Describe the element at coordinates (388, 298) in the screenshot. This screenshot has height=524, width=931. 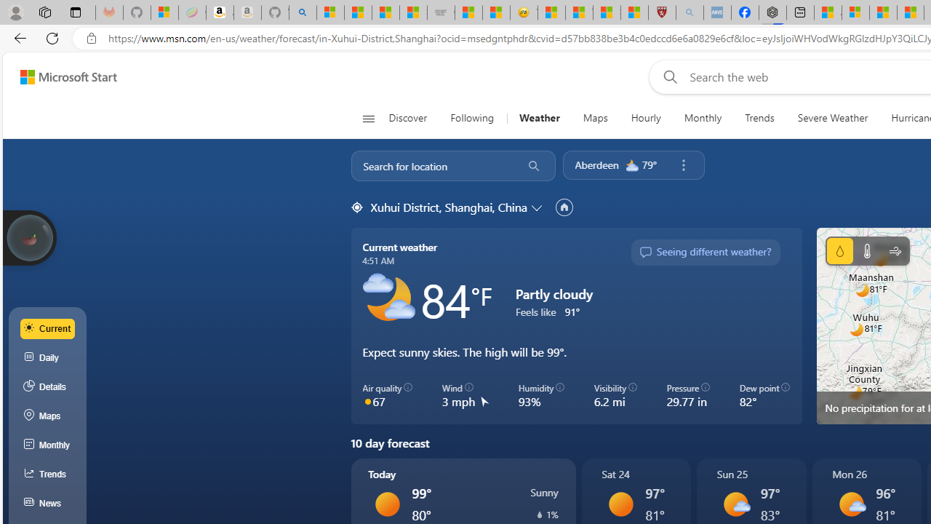
I see `'Partly cloudy'` at that location.